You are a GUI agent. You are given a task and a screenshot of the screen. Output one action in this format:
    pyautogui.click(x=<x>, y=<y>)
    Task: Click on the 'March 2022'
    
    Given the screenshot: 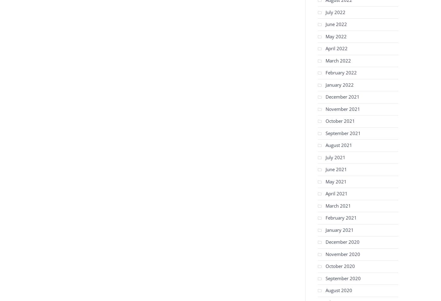 What is the action you would take?
    pyautogui.click(x=326, y=60)
    